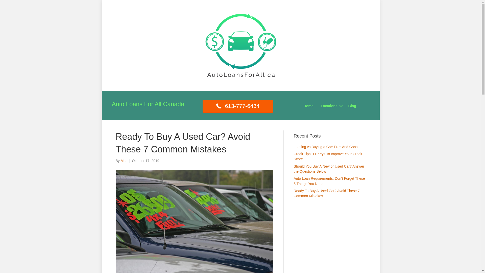 Image resolution: width=485 pixels, height=273 pixels. Describe the element at coordinates (352, 106) in the screenshot. I see `'Blog'` at that location.